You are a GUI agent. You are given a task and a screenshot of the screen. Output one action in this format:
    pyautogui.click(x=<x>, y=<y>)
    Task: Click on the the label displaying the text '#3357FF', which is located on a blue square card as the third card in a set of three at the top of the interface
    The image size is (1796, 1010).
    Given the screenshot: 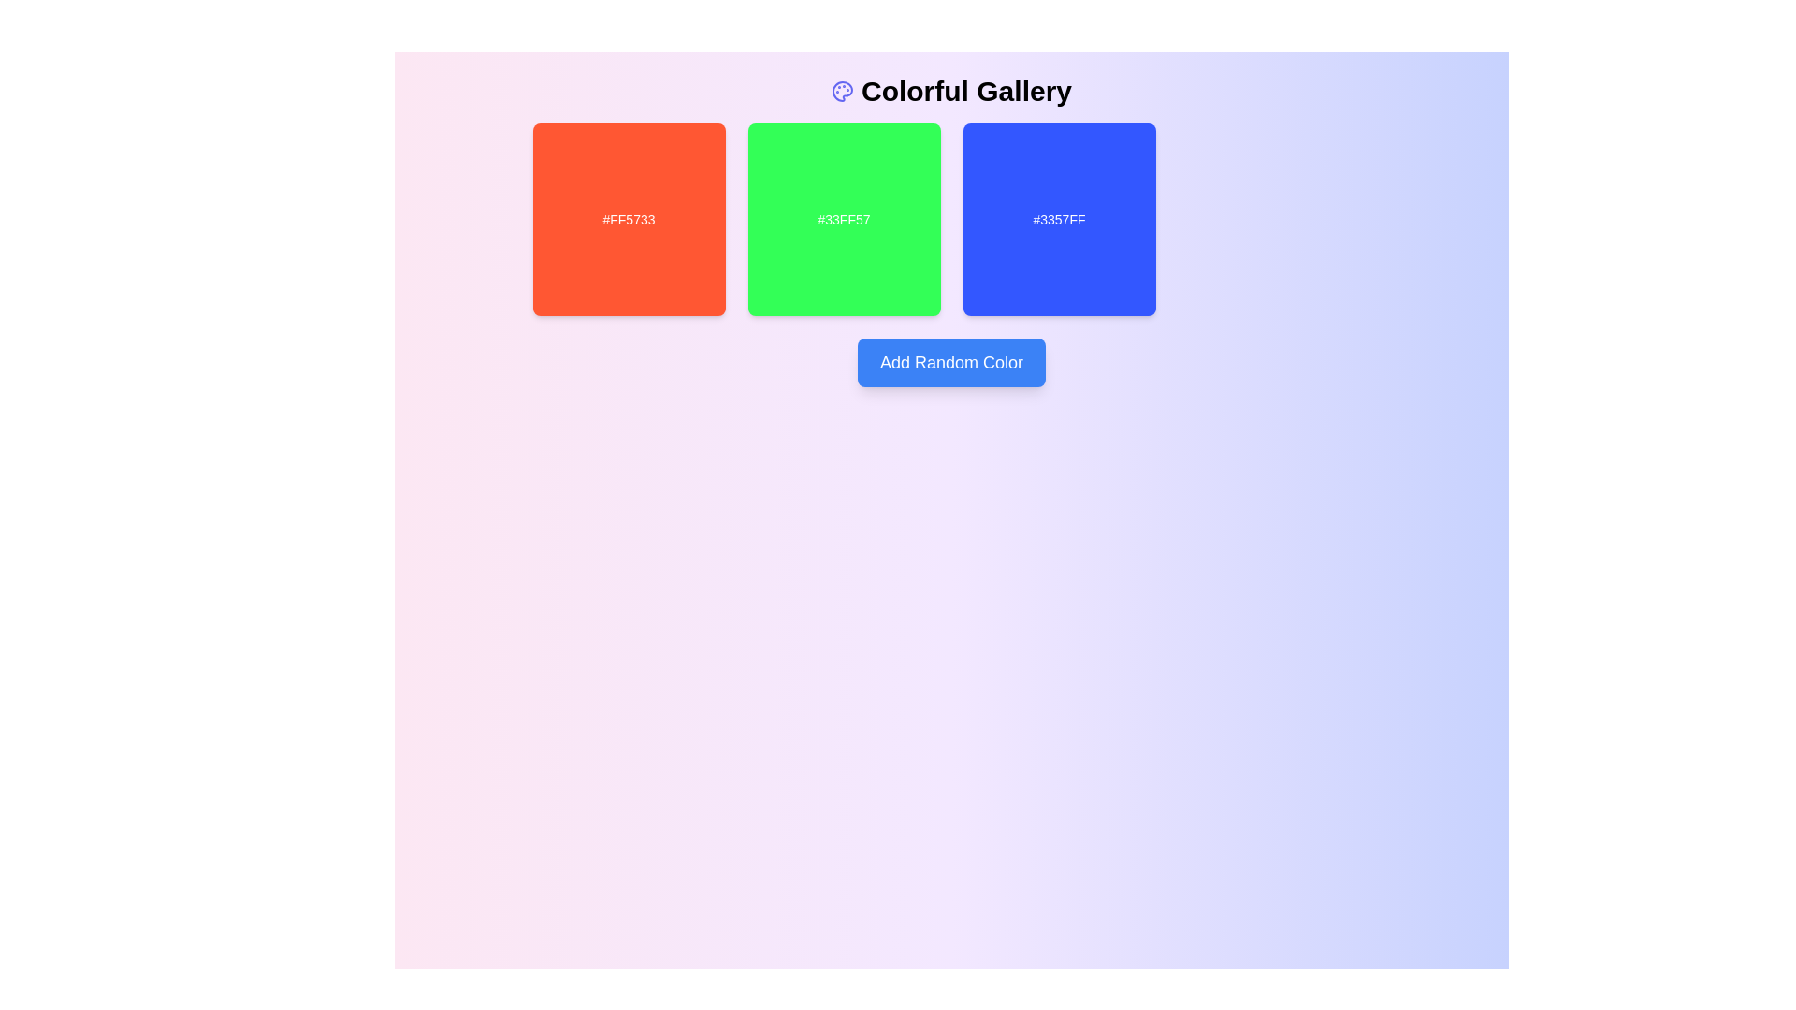 What is the action you would take?
    pyautogui.click(x=1059, y=219)
    